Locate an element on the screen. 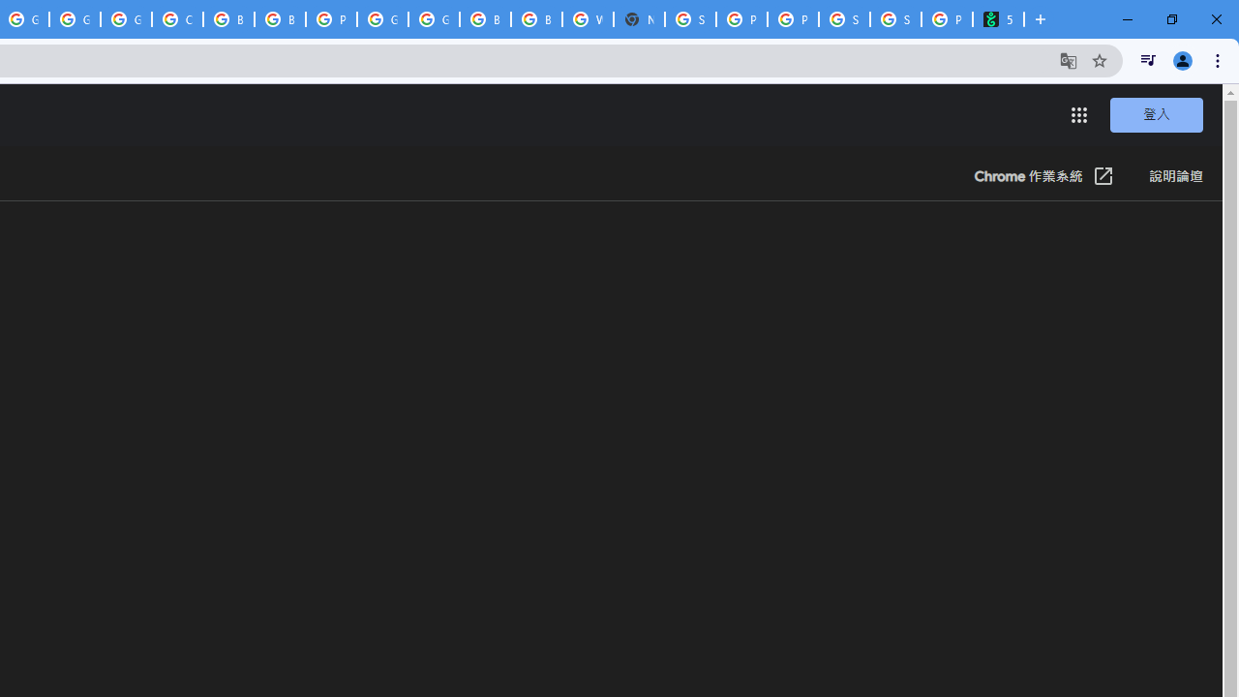 The height and width of the screenshot is (697, 1239). 'Browse Chrome as a guest - Computer - Google Chrome Help' is located at coordinates (279, 19).